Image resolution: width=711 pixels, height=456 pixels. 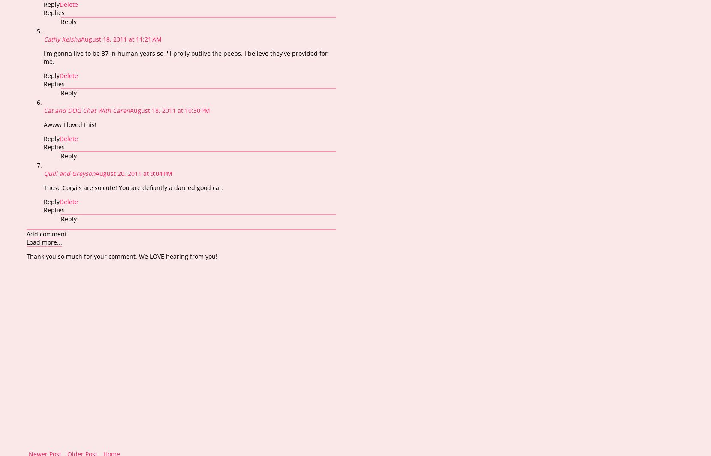 I want to click on 'Load more...', so click(x=44, y=241).